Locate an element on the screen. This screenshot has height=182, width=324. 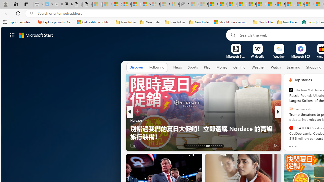
'Watch' is located at coordinates (275, 67).